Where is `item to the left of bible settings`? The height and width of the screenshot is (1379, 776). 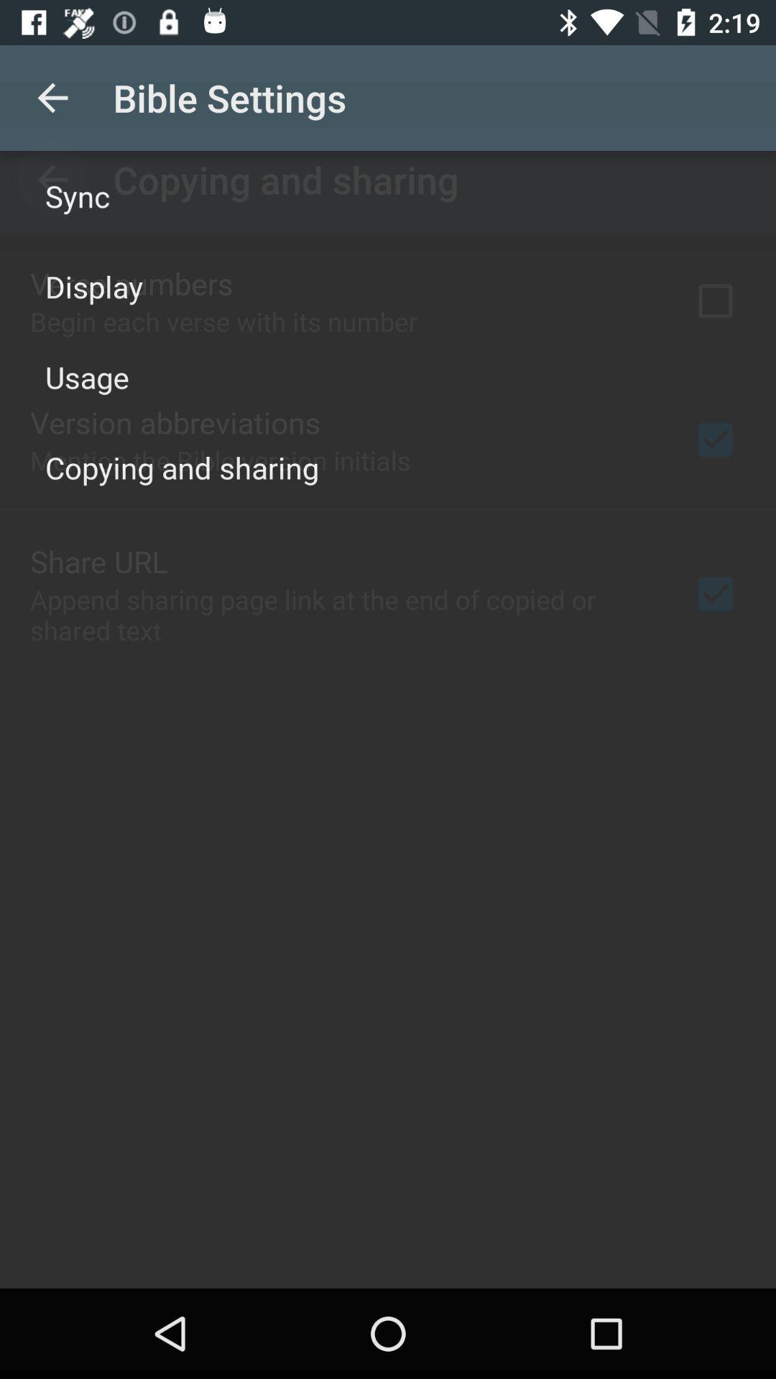
item to the left of bible settings is located at coordinates (52, 97).